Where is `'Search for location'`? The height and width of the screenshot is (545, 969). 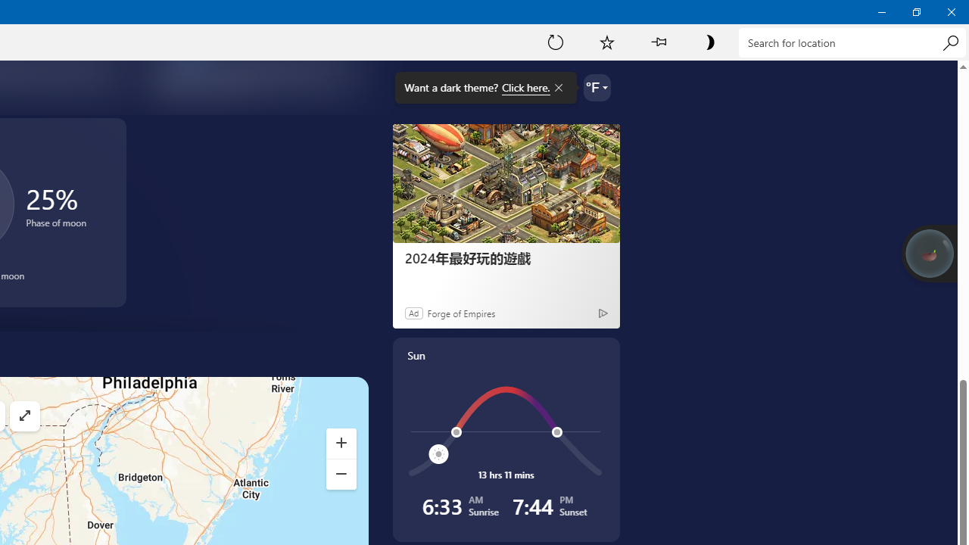
'Search for location' is located at coordinates (852, 42).